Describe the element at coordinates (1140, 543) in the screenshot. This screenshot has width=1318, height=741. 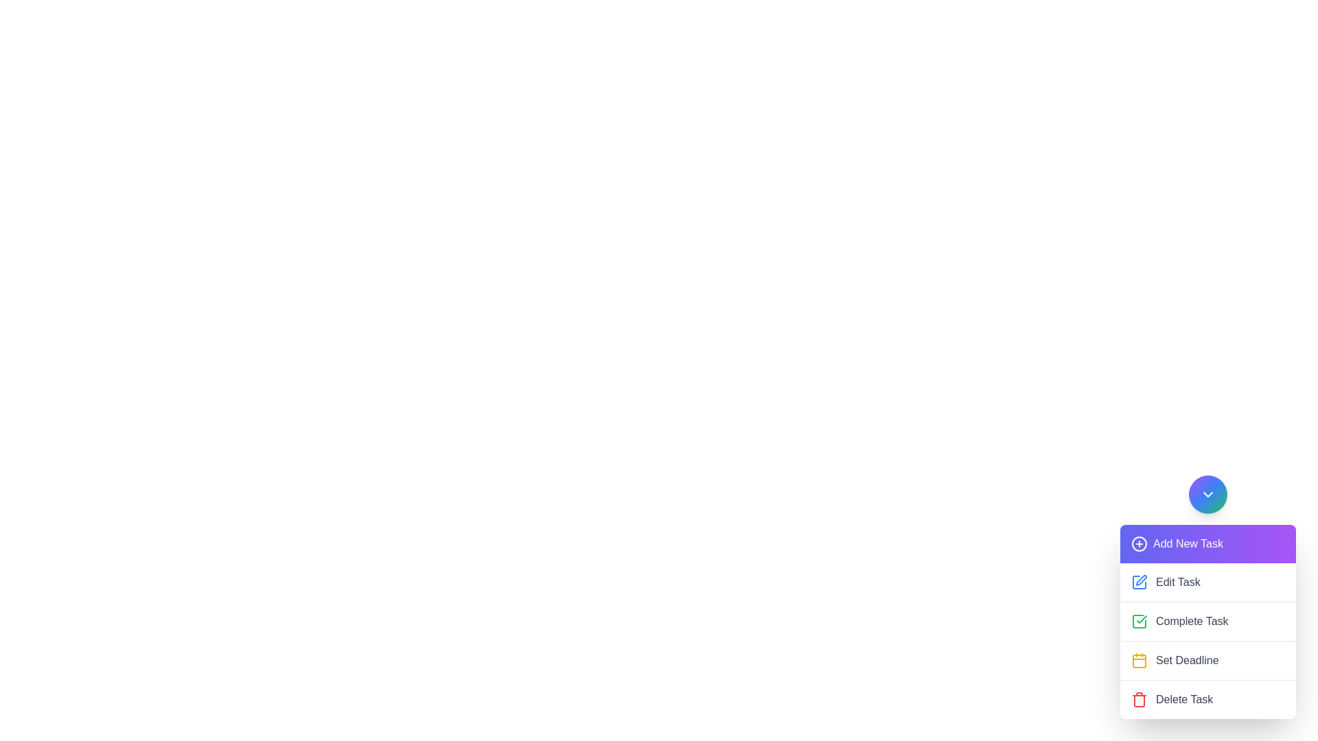
I see `circular portion of the 'Add New Task' button located at the top of the vertical list of action buttons for styling` at that location.